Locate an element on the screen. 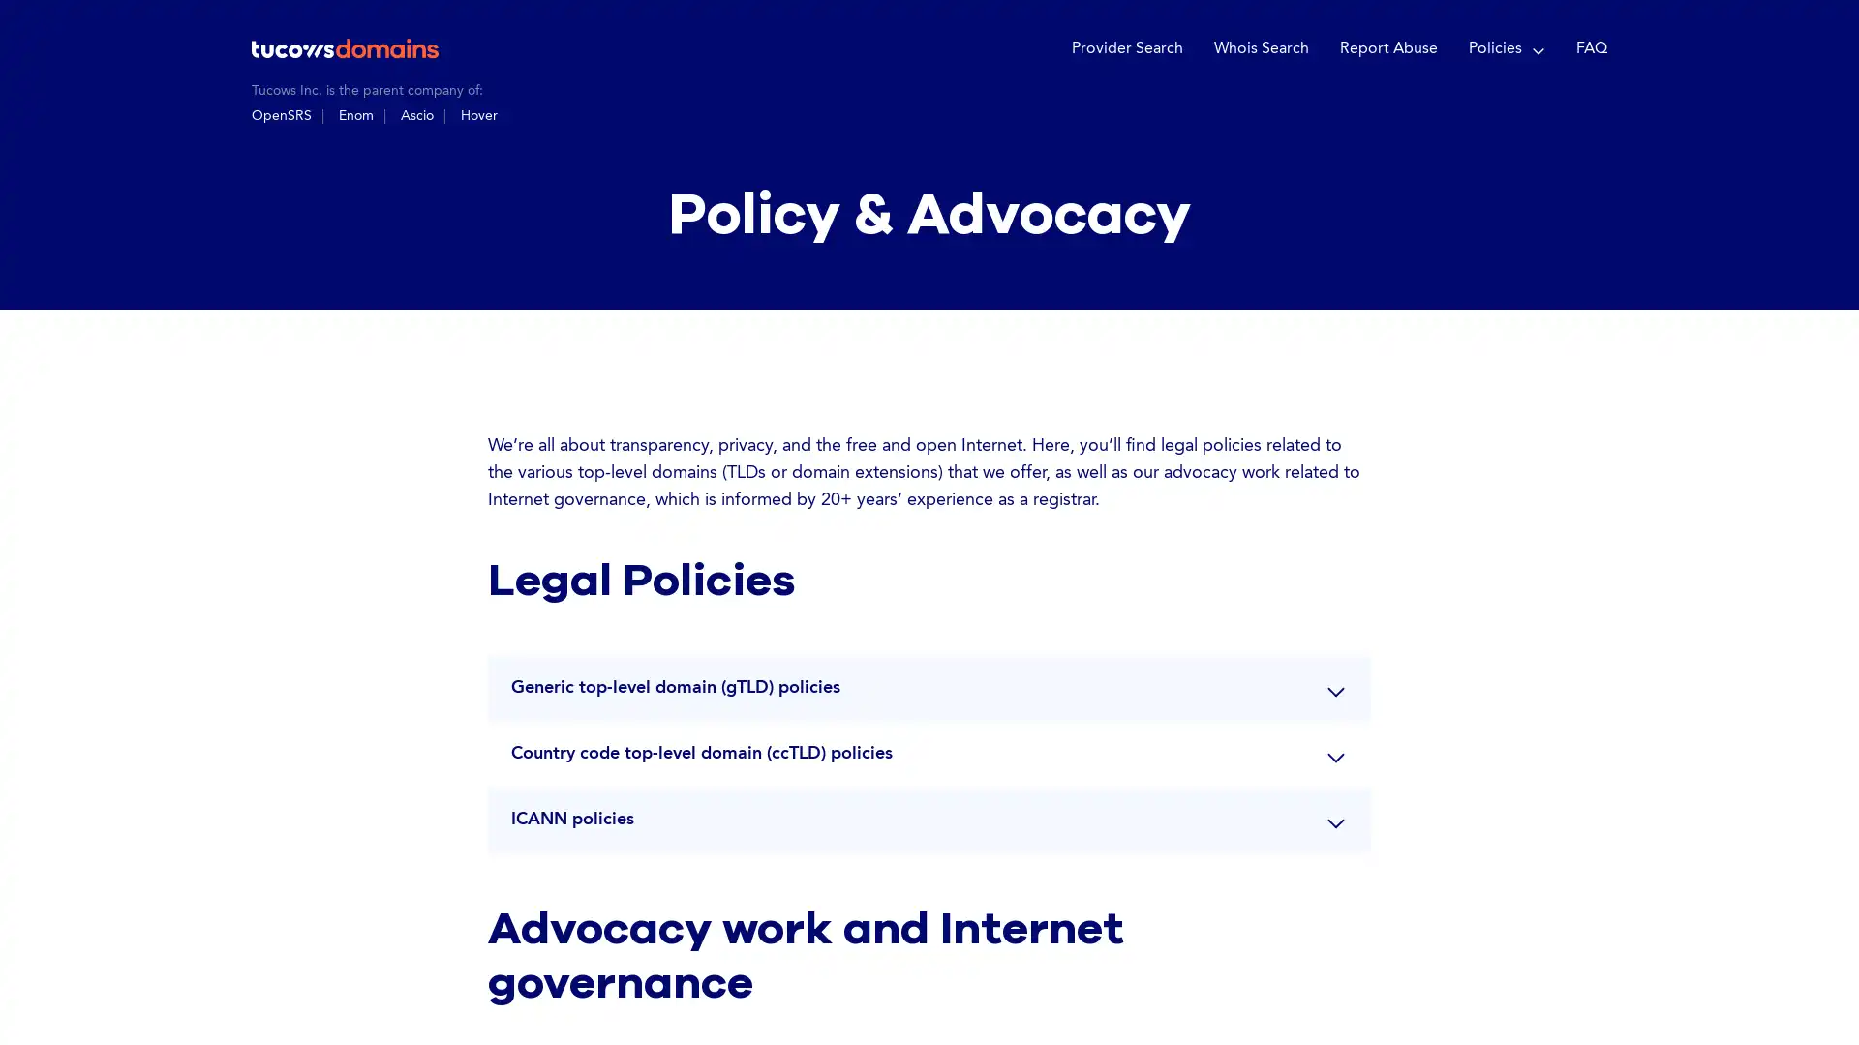 This screenshot has height=1045, width=1859. Generic top-level domain (gTLD) policies is located at coordinates (929, 685).